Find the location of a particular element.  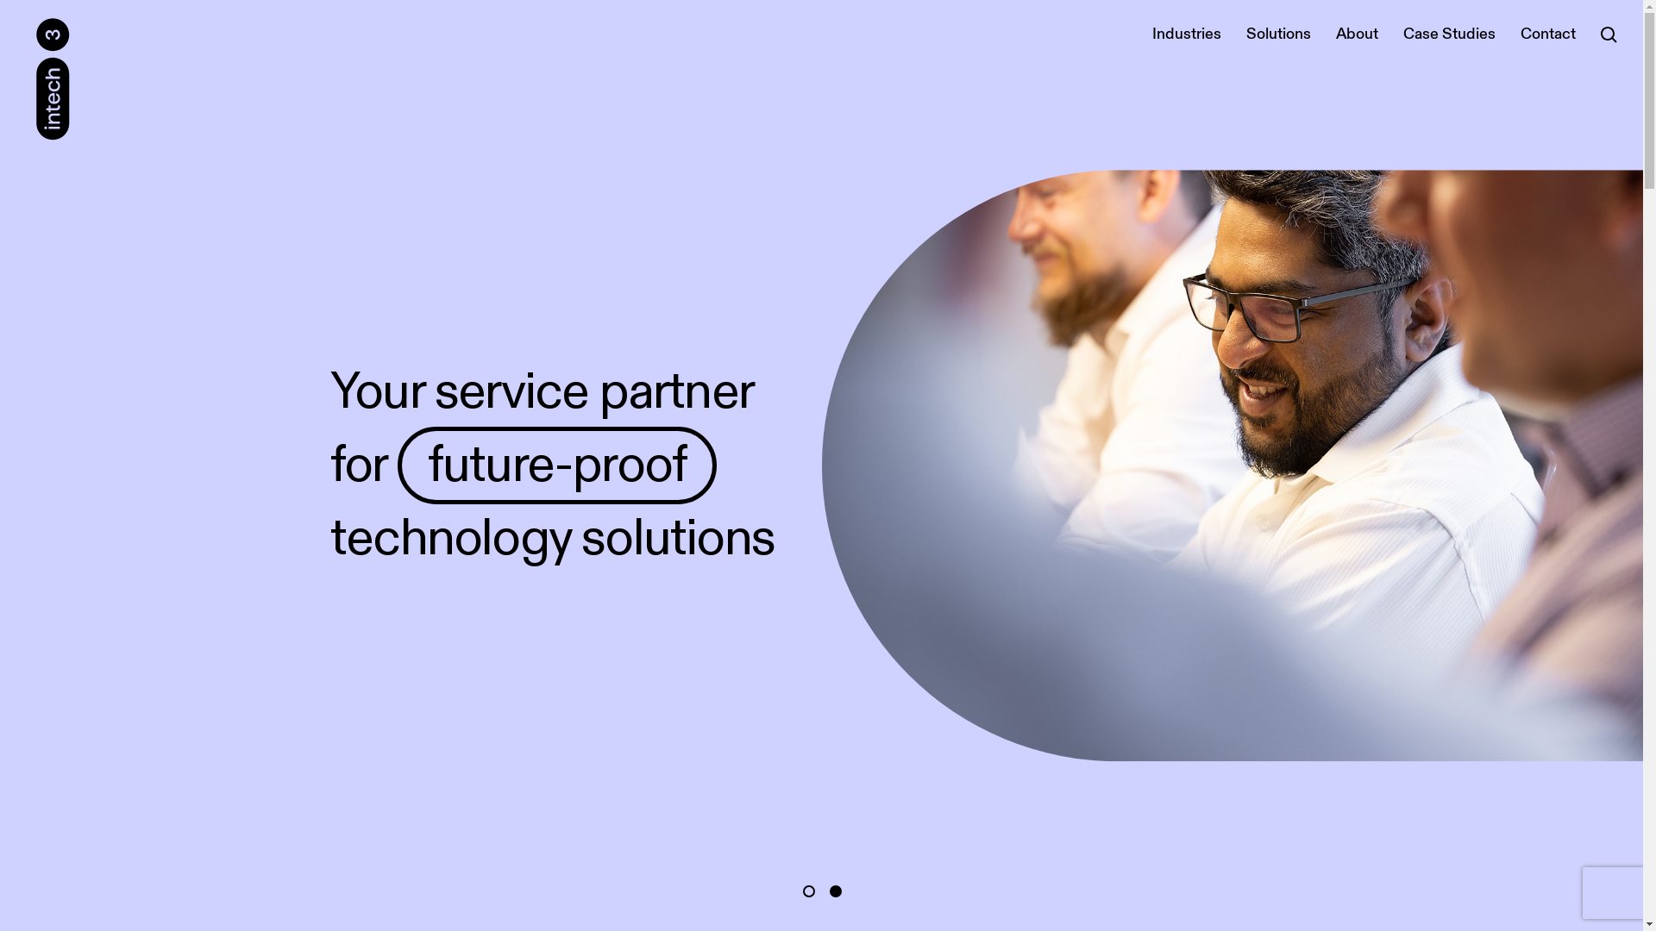

'Solutions' is located at coordinates (1278, 34).